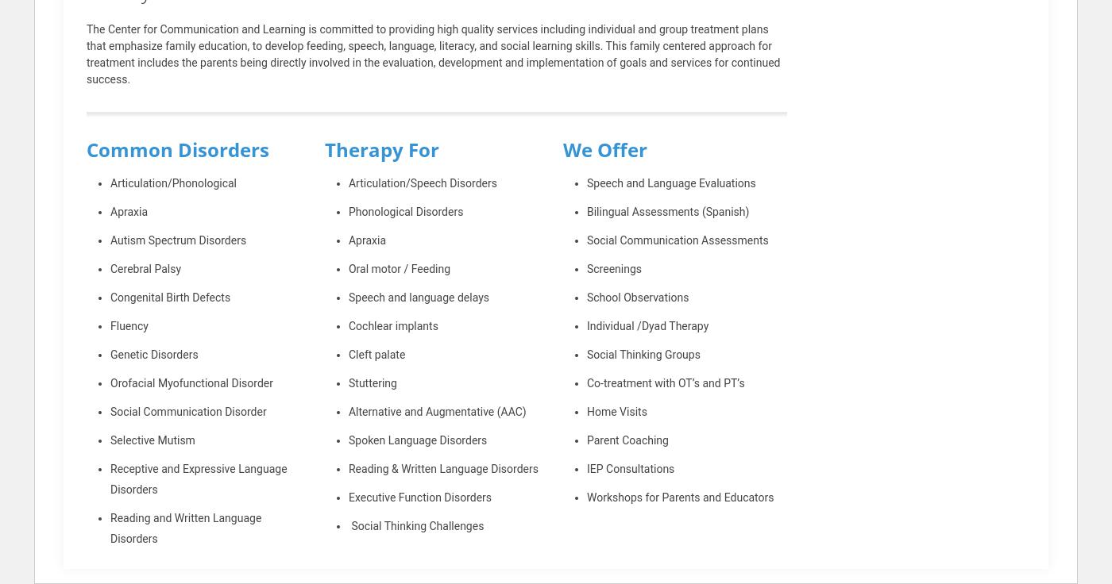  Describe the element at coordinates (627, 440) in the screenshot. I see `'Parent Coaching'` at that location.